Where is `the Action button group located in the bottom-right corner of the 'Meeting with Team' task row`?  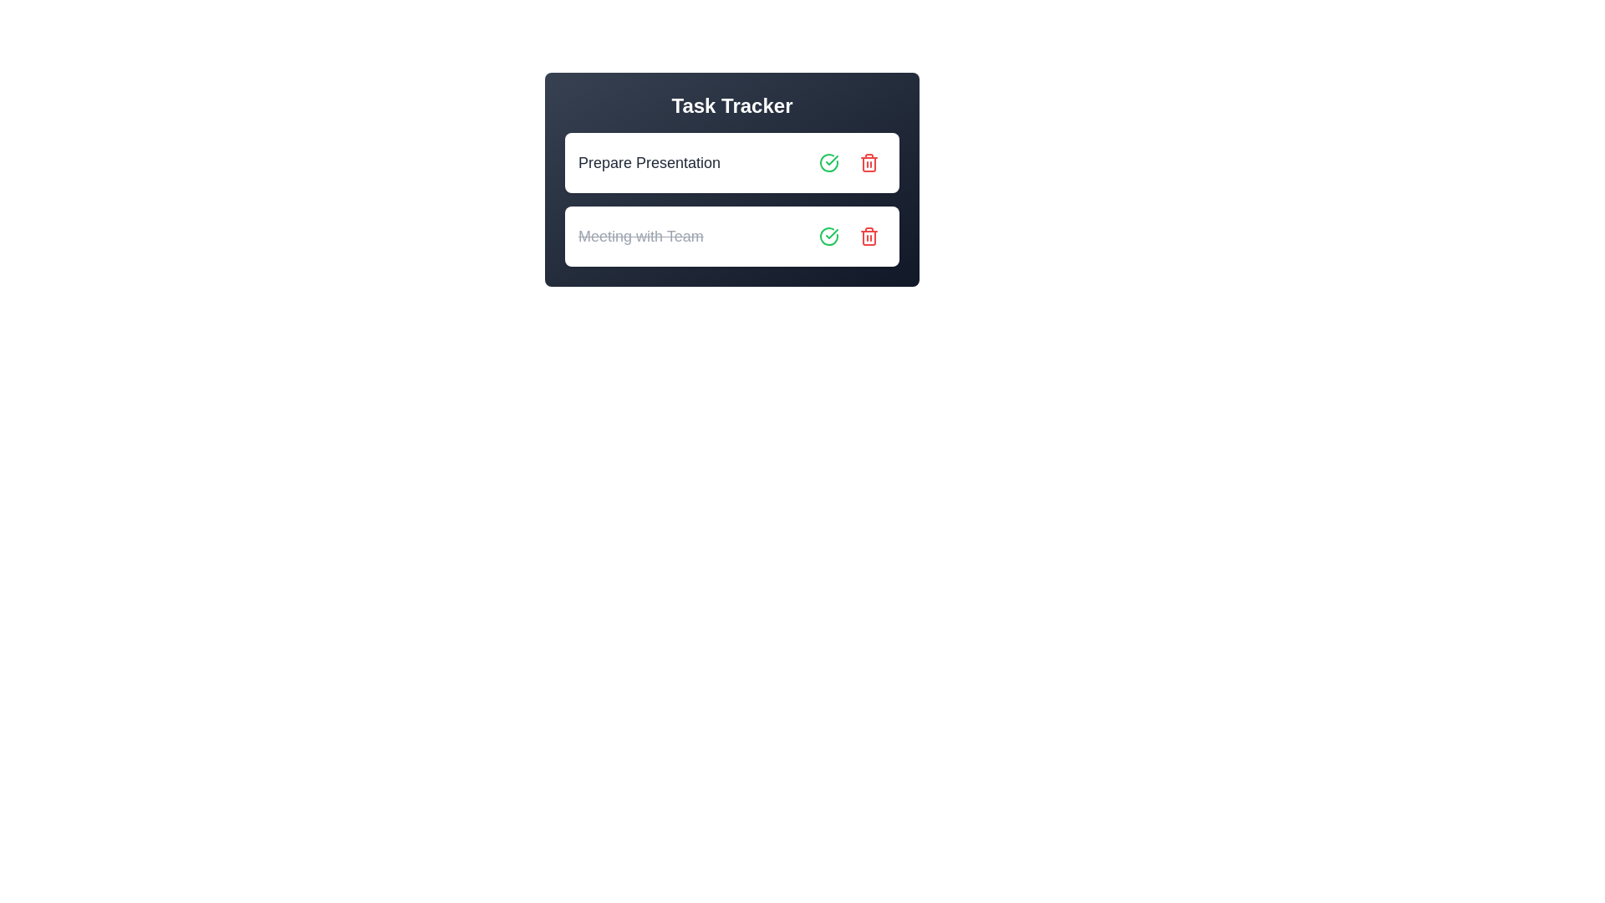 the Action button group located in the bottom-right corner of the 'Meeting with Team' task row is located at coordinates (849, 236).